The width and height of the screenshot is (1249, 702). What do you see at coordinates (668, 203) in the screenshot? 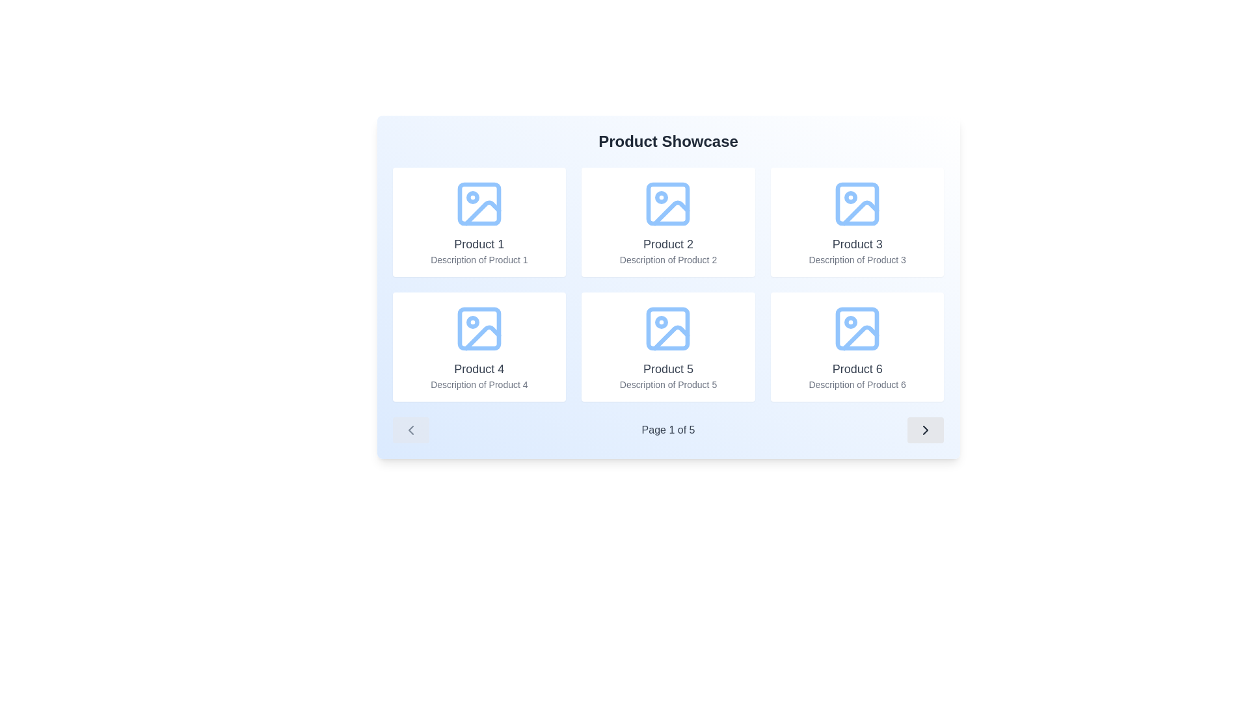
I see `the decorative icon representing 'Product 2' which is centrally aligned within its card, located above the text labels for the product name and description` at bounding box center [668, 203].